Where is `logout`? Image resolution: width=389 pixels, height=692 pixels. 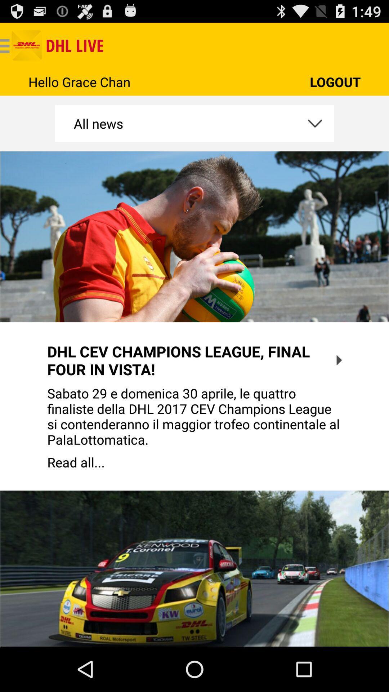
logout is located at coordinates (335, 82).